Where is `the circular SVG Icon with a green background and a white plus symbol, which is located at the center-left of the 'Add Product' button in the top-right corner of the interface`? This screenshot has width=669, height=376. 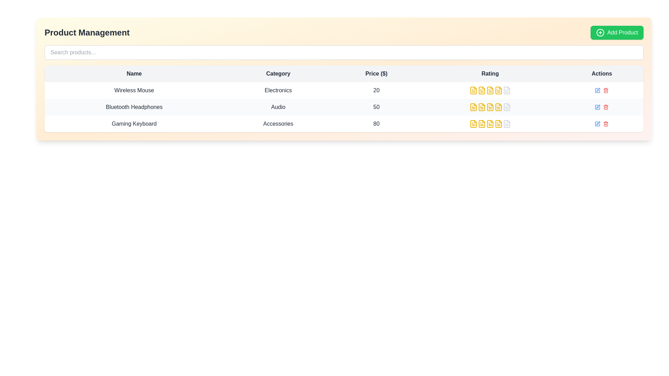 the circular SVG Icon with a green background and a white plus symbol, which is located at the center-left of the 'Add Product' button in the top-right corner of the interface is located at coordinates (600, 32).